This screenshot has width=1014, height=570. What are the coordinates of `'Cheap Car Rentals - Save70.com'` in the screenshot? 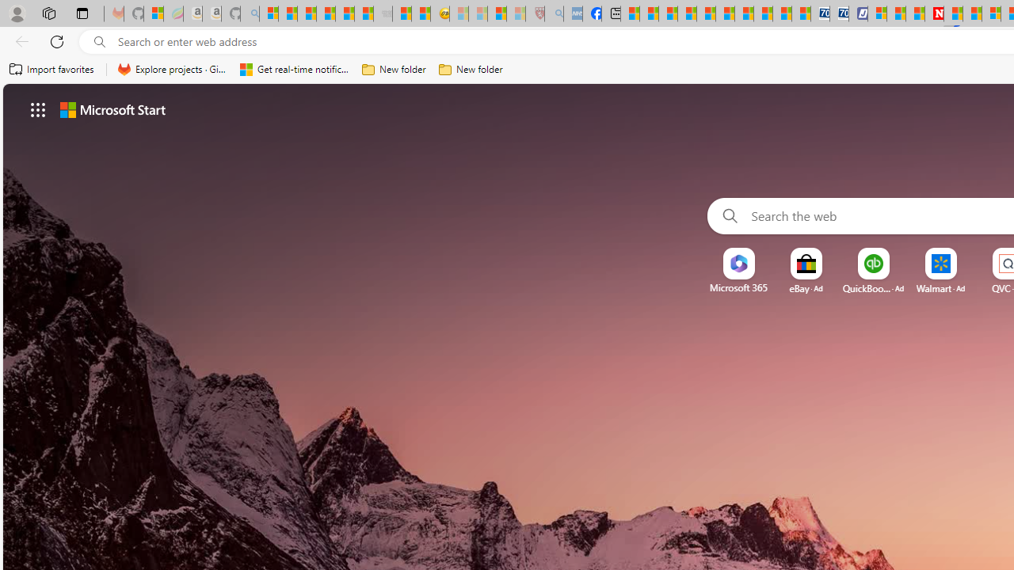 It's located at (820, 13).